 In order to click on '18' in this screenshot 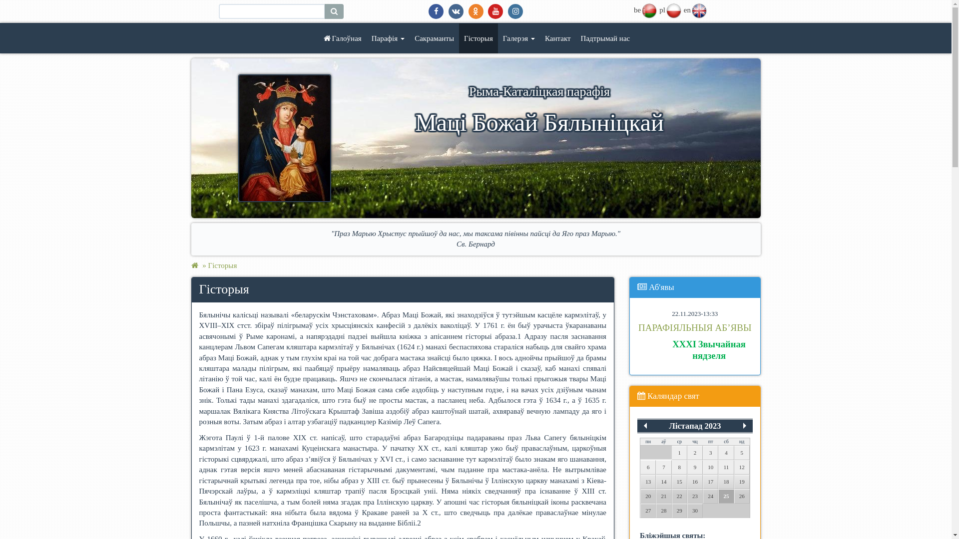, I will do `click(726, 481)`.